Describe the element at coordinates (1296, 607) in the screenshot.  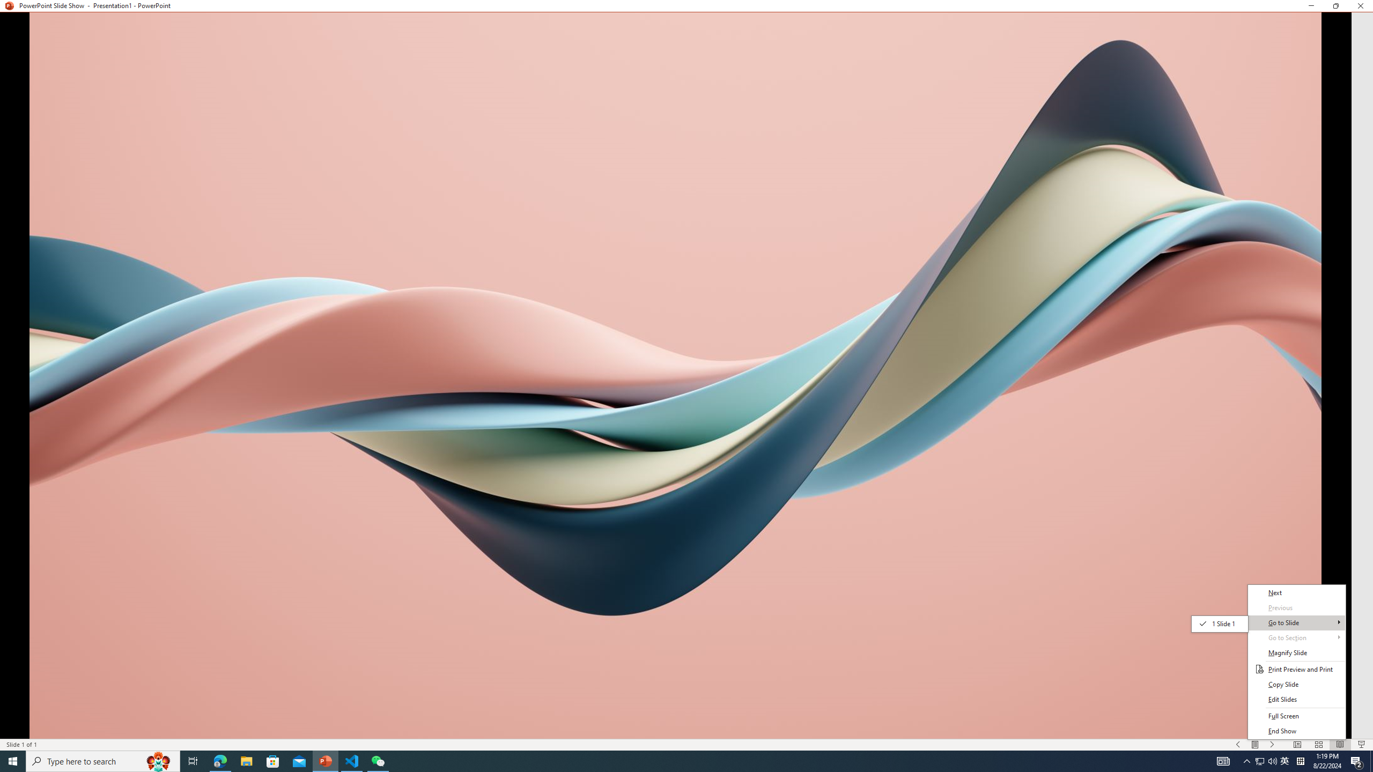
I see `'Previous'` at that location.